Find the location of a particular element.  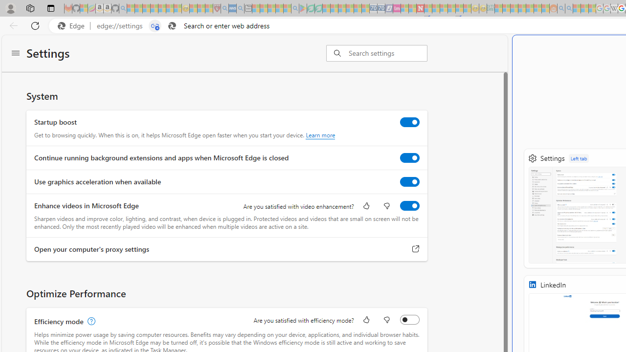

'Settings menu' is located at coordinates (16, 54).